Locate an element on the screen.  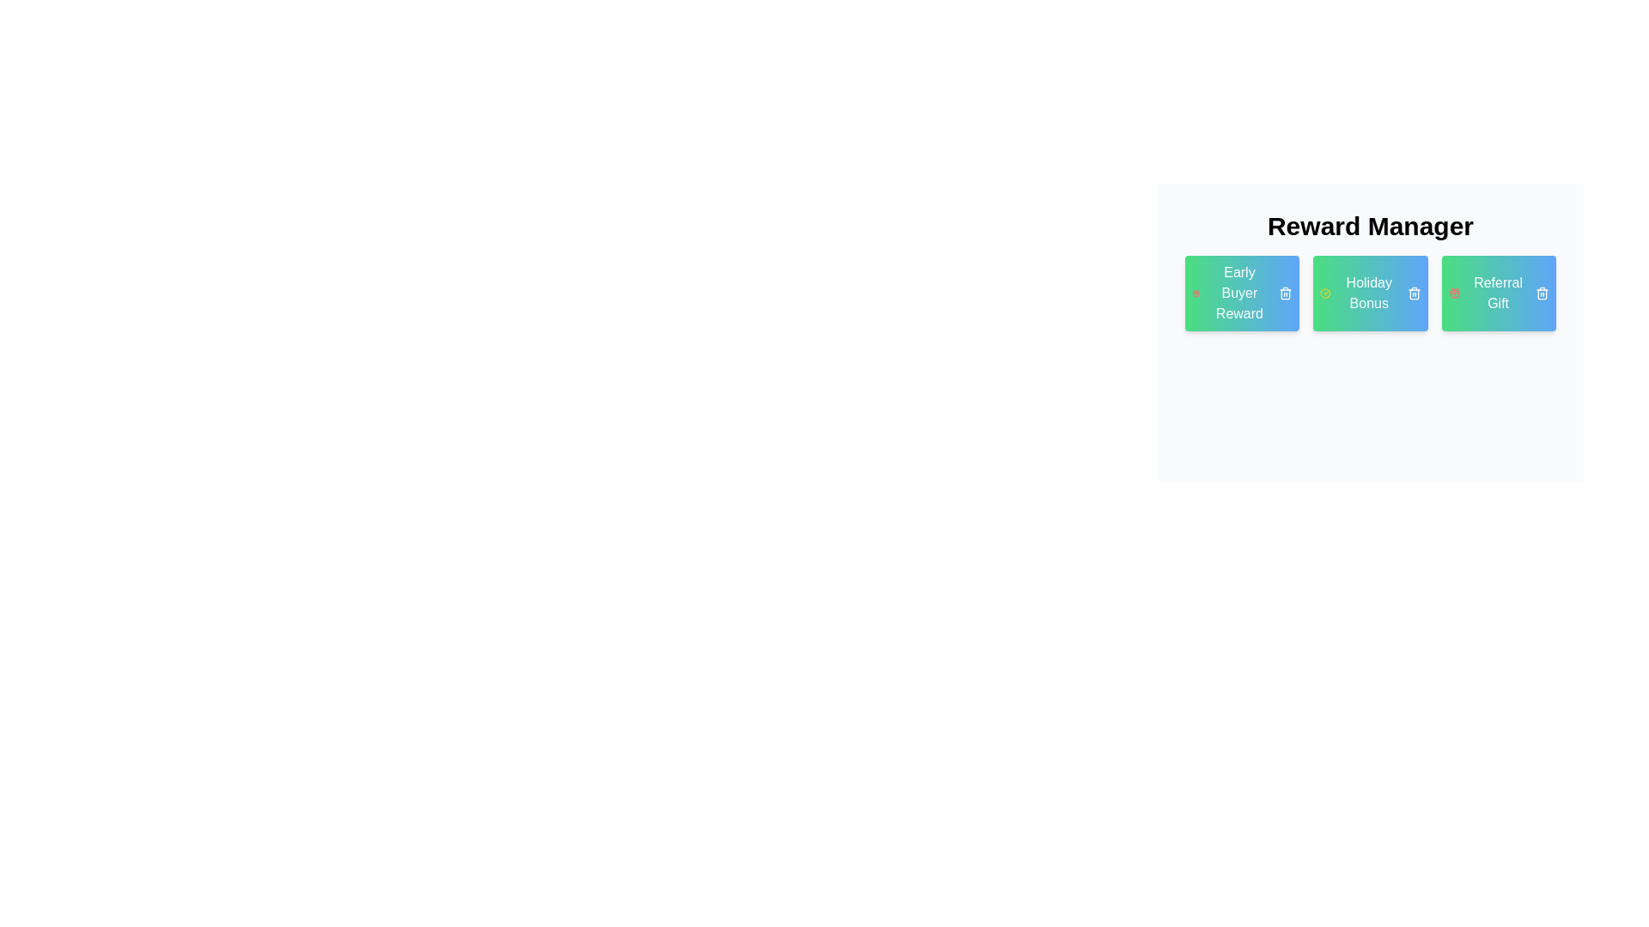
remove button on the tag labeled Referral Gift is located at coordinates (1542, 293).